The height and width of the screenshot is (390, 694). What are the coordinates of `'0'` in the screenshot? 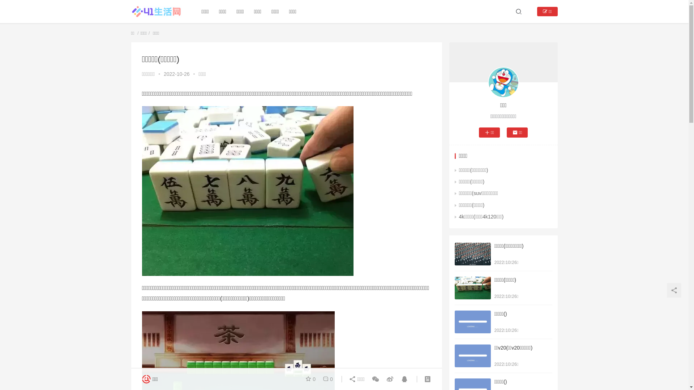 It's located at (312, 378).